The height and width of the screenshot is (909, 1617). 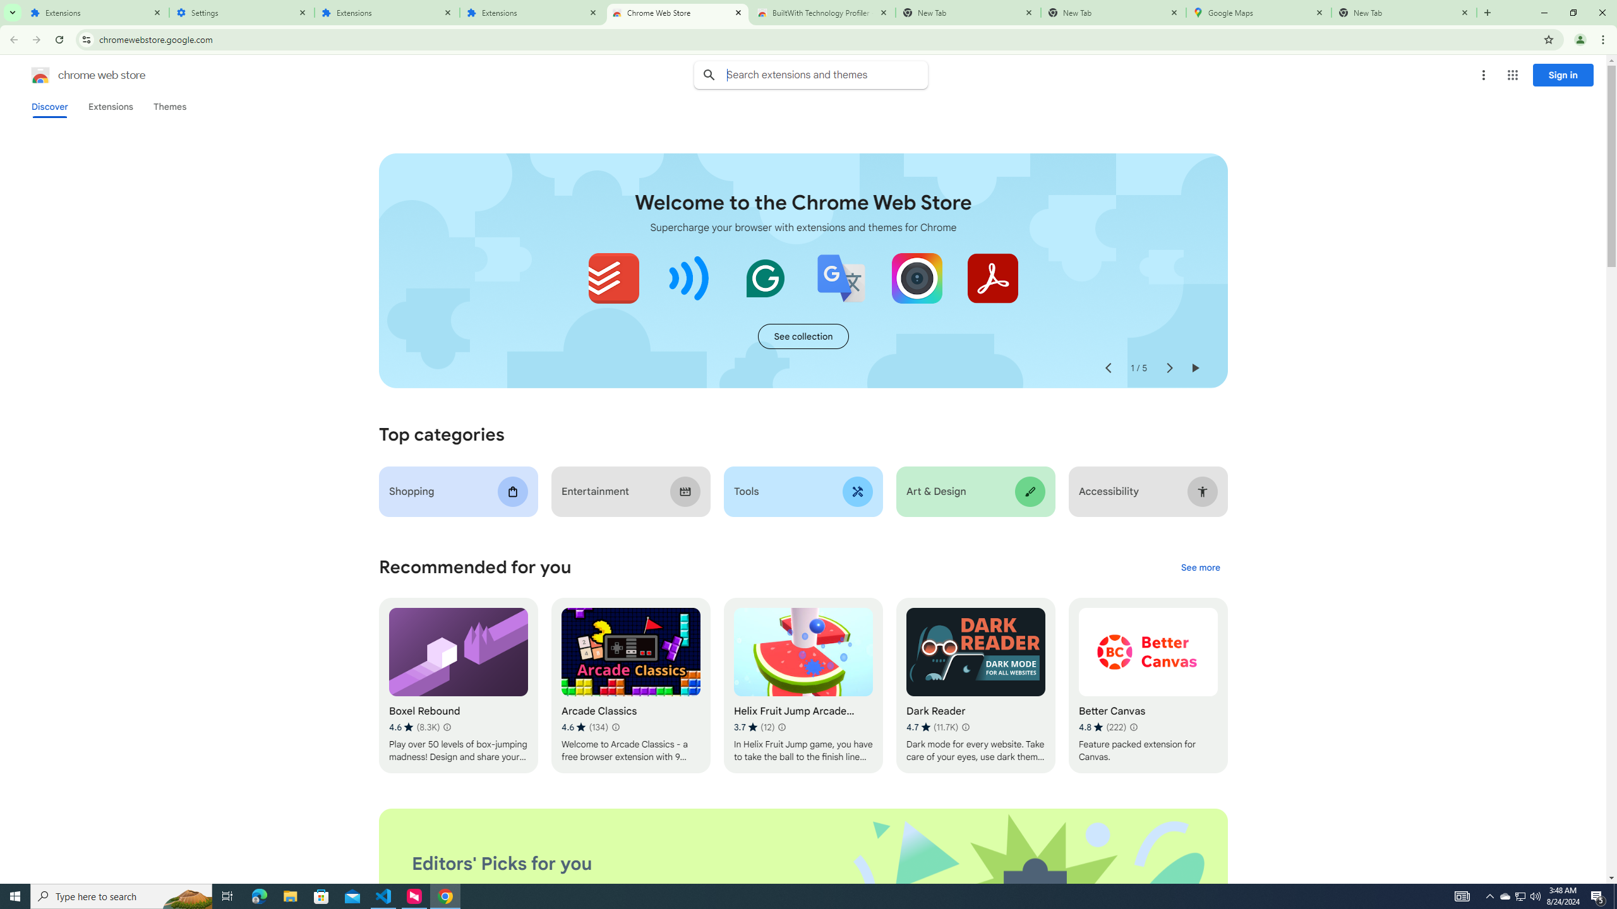 I want to click on 'New Tab', so click(x=1404, y=12).